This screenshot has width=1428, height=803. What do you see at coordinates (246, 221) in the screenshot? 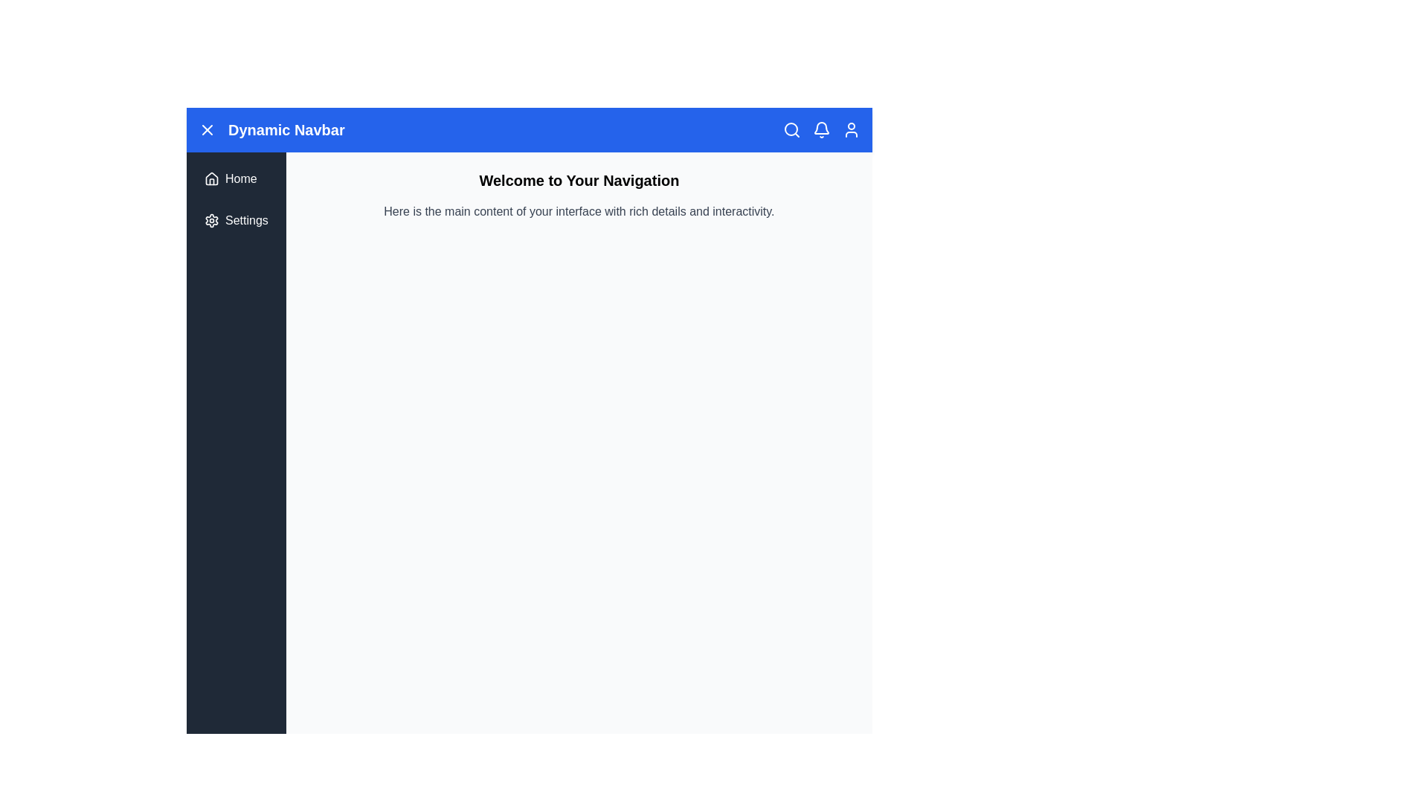
I see `the Text Label located below the 'Home' section in the left sidebar navigation menu that indicates navigation to the settings section` at bounding box center [246, 221].